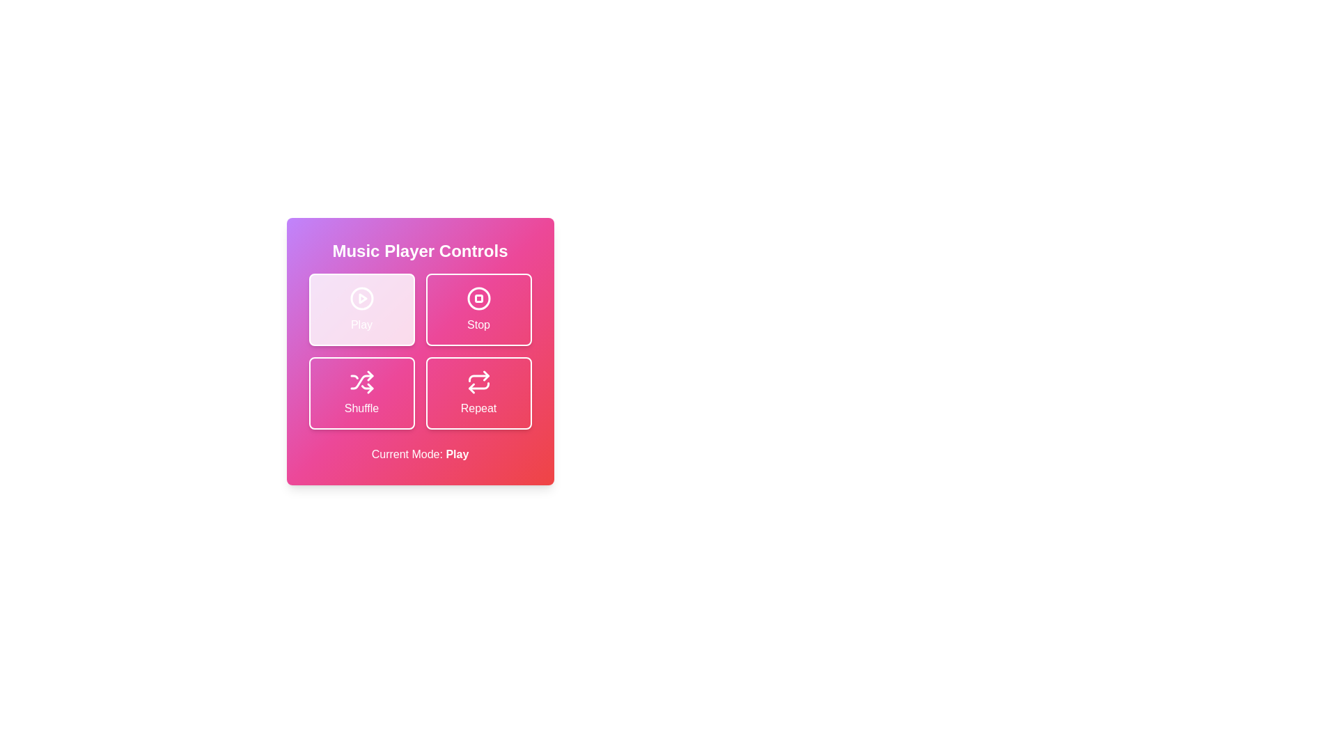 This screenshot has height=752, width=1337. Describe the element at coordinates (361, 393) in the screenshot. I see `the Shuffle button to observe its hover effect` at that location.